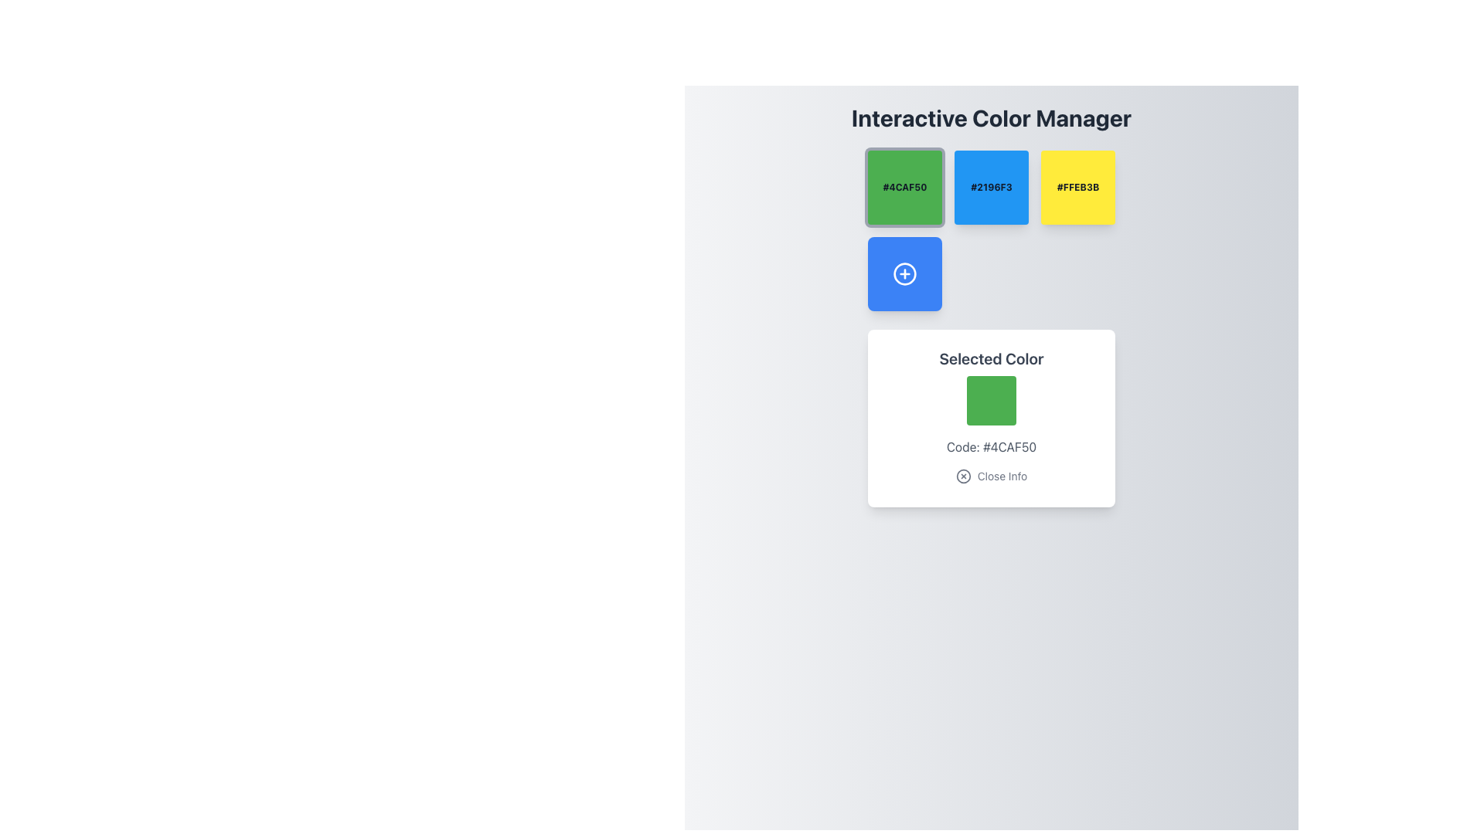 The height and width of the screenshot is (834, 1484). Describe the element at coordinates (991, 359) in the screenshot. I see `the 'Selected Color' text label, which is styled in bold, large gray font at the top of a white card` at that location.